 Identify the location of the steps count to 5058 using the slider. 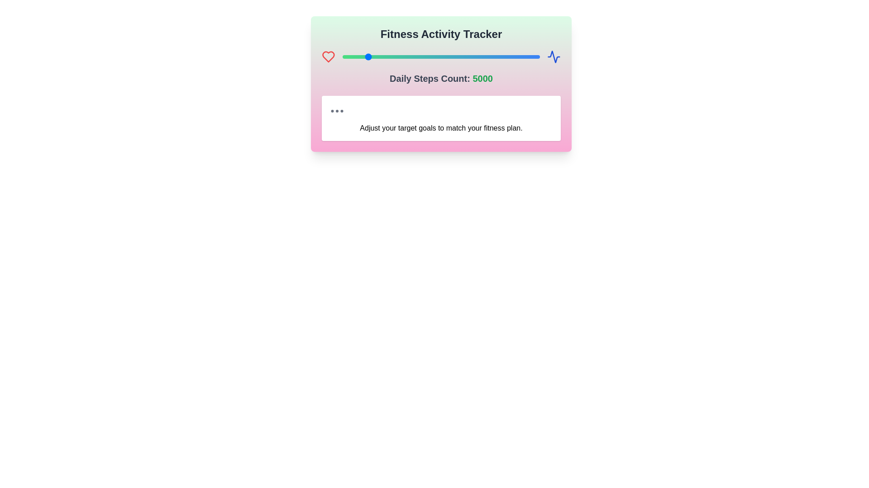
(366, 57).